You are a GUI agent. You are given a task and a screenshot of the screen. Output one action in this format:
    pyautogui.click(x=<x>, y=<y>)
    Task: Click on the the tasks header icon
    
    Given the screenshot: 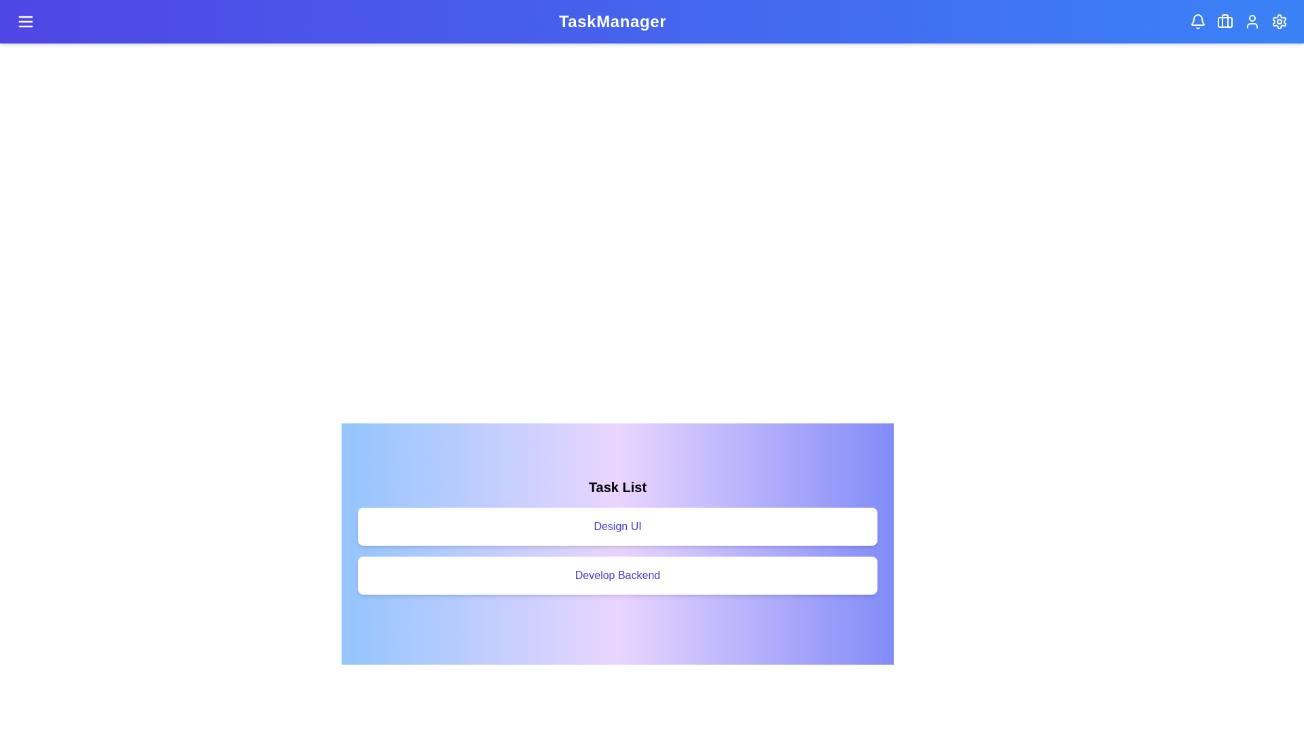 What is the action you would take?
    pyautogui.click(x=1225, y=21)
    